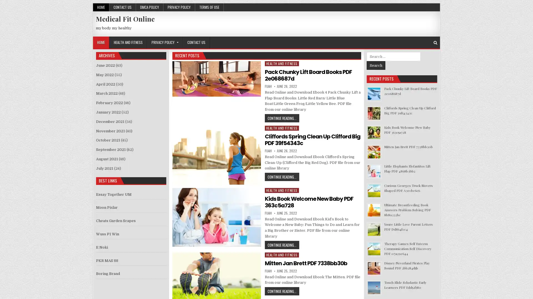  Describe the element at coordinates (376, 65) in the screenshot. I see `Search` at that location.